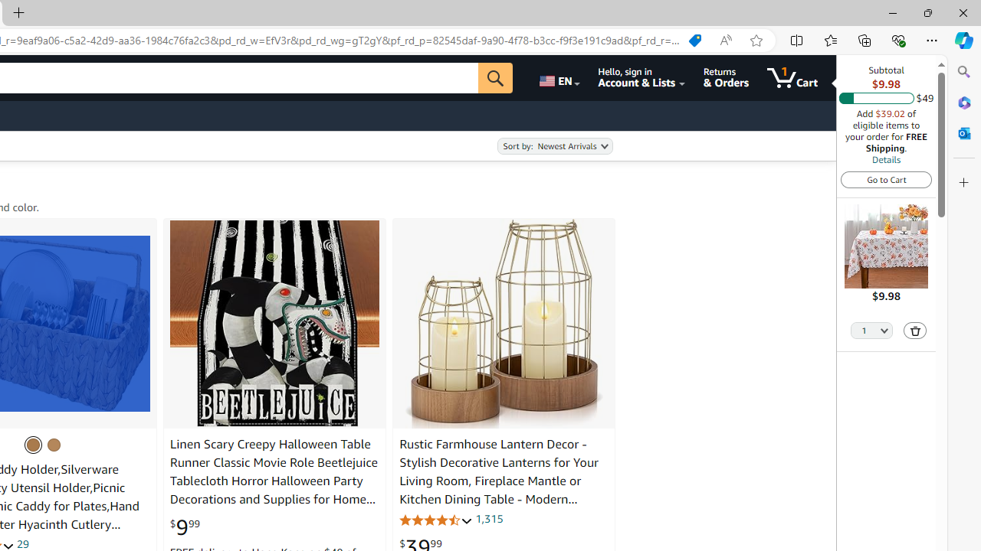 This screenshot has width=981, height=551. What do you see at coordinates (553, 146) in the screenshot?
I see `'Sort by:'` at bounding box center [553, 146].